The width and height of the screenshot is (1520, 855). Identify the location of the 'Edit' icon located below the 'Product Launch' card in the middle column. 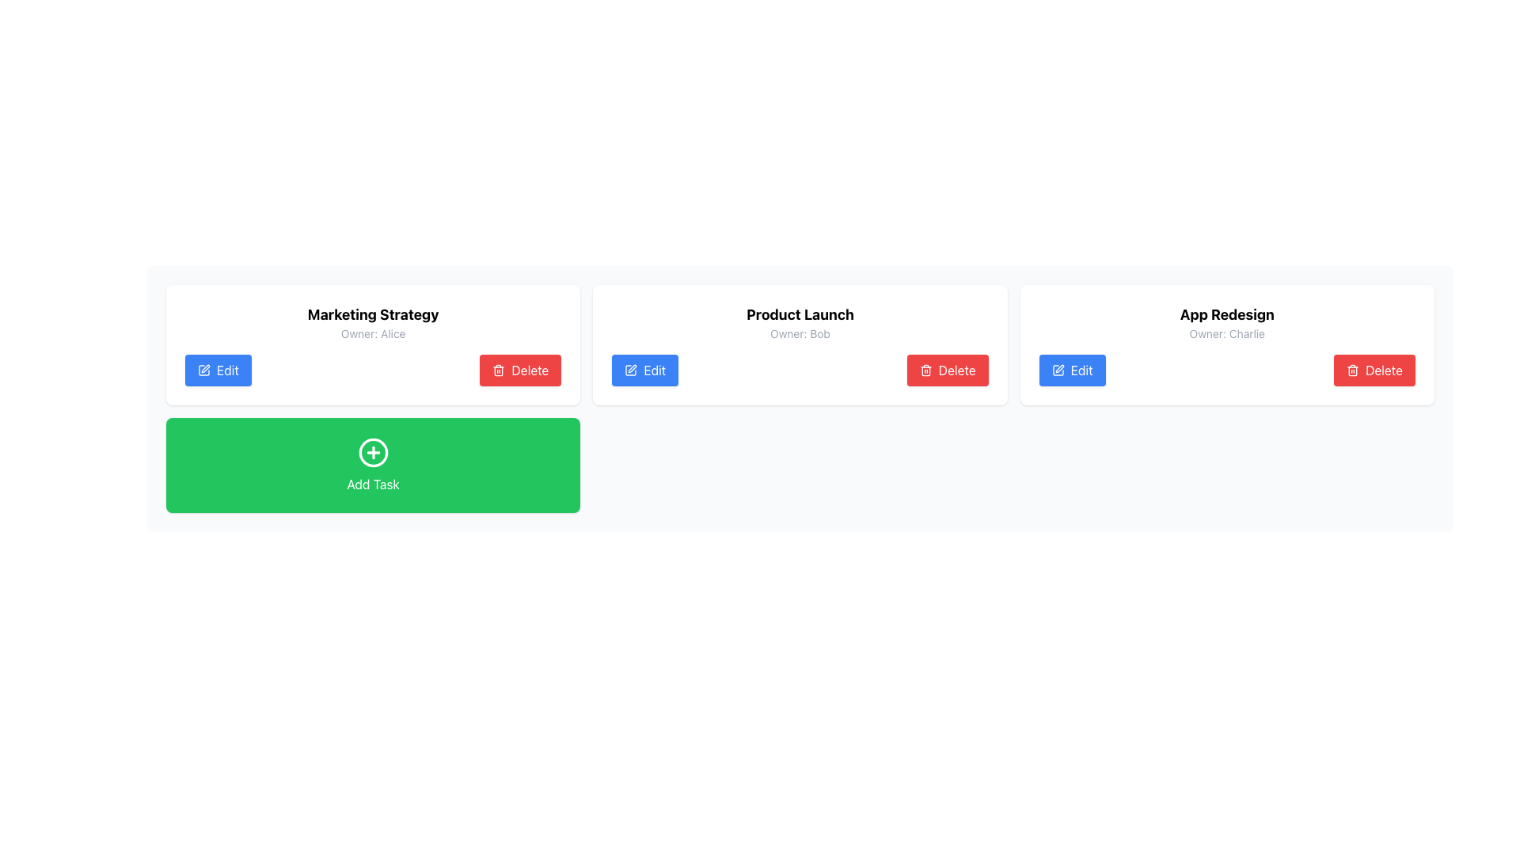
(630, 370).